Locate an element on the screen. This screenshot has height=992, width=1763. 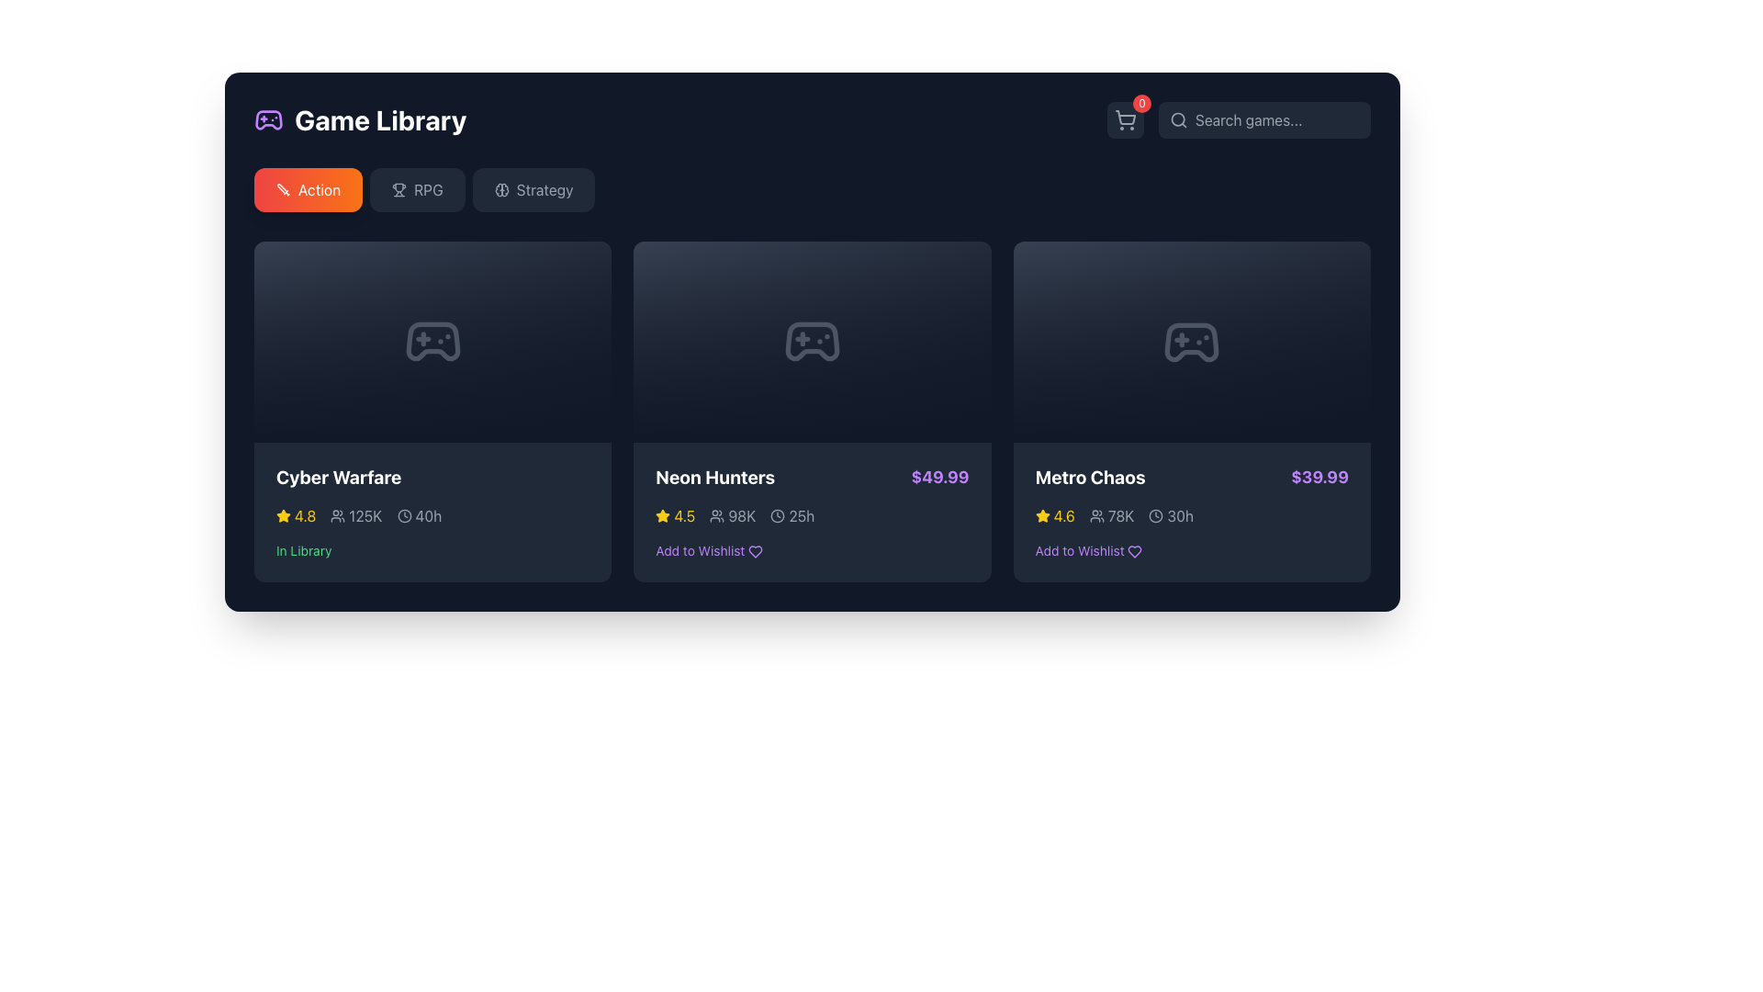
the displayed number on the Notification Badge located at the top-right corner of the shopping cart icon in the header section is located at coordinates (1140, 103).